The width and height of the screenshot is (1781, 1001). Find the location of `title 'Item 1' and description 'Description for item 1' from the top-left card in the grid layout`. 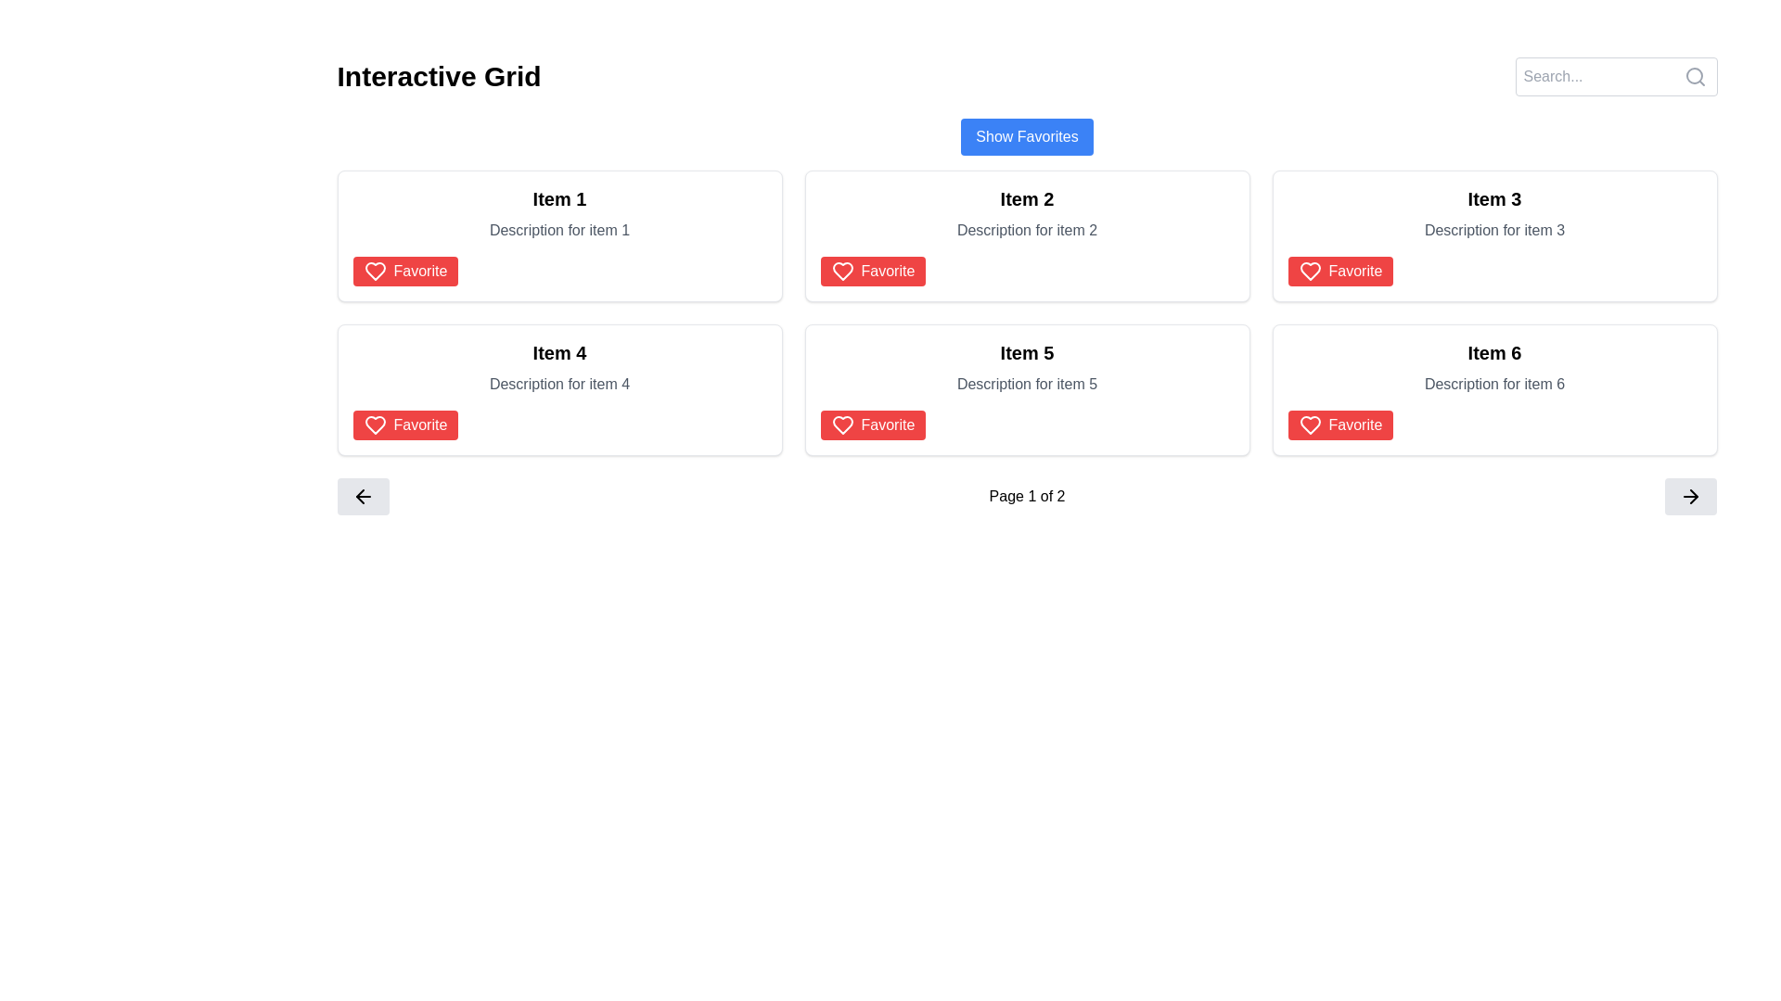

title 'Item 1' and description 'Description for item 1' from the top-left card in the grid layout is located at coordinates (558, 234).